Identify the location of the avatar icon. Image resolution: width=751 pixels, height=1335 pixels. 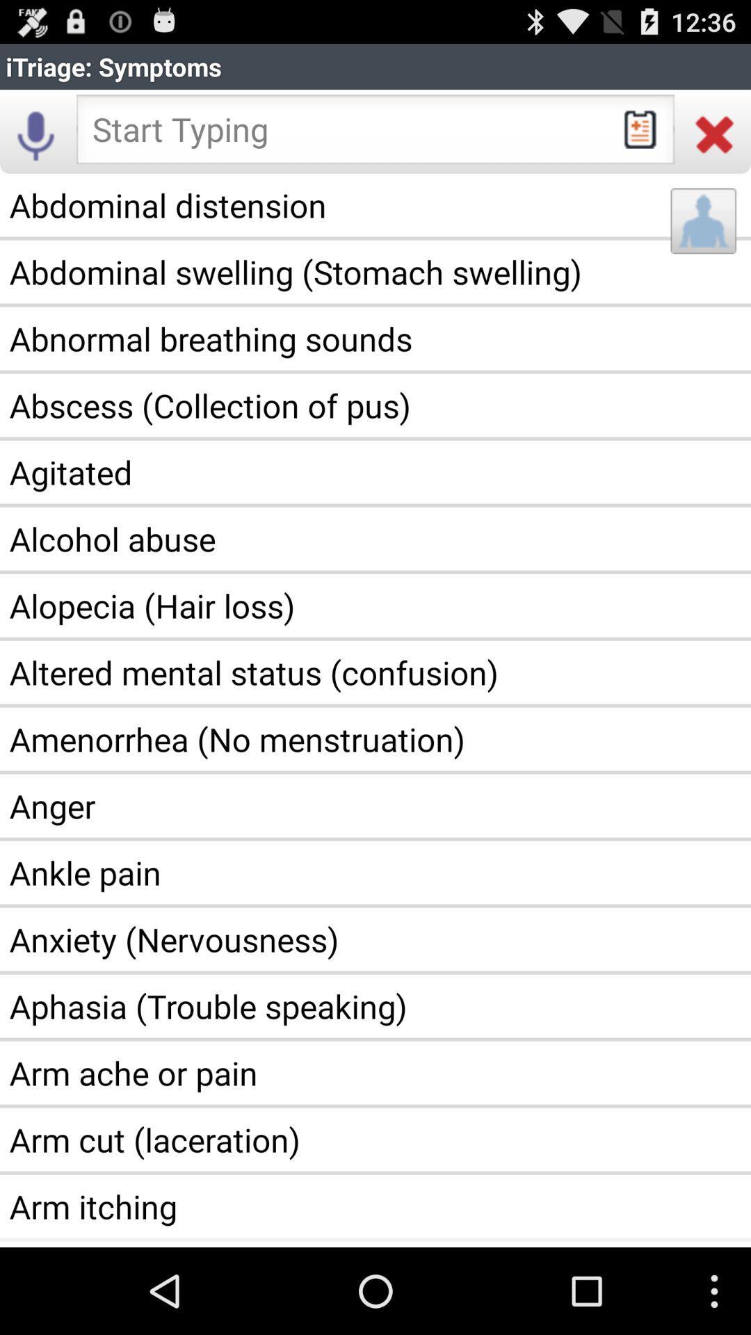
(703, 236).